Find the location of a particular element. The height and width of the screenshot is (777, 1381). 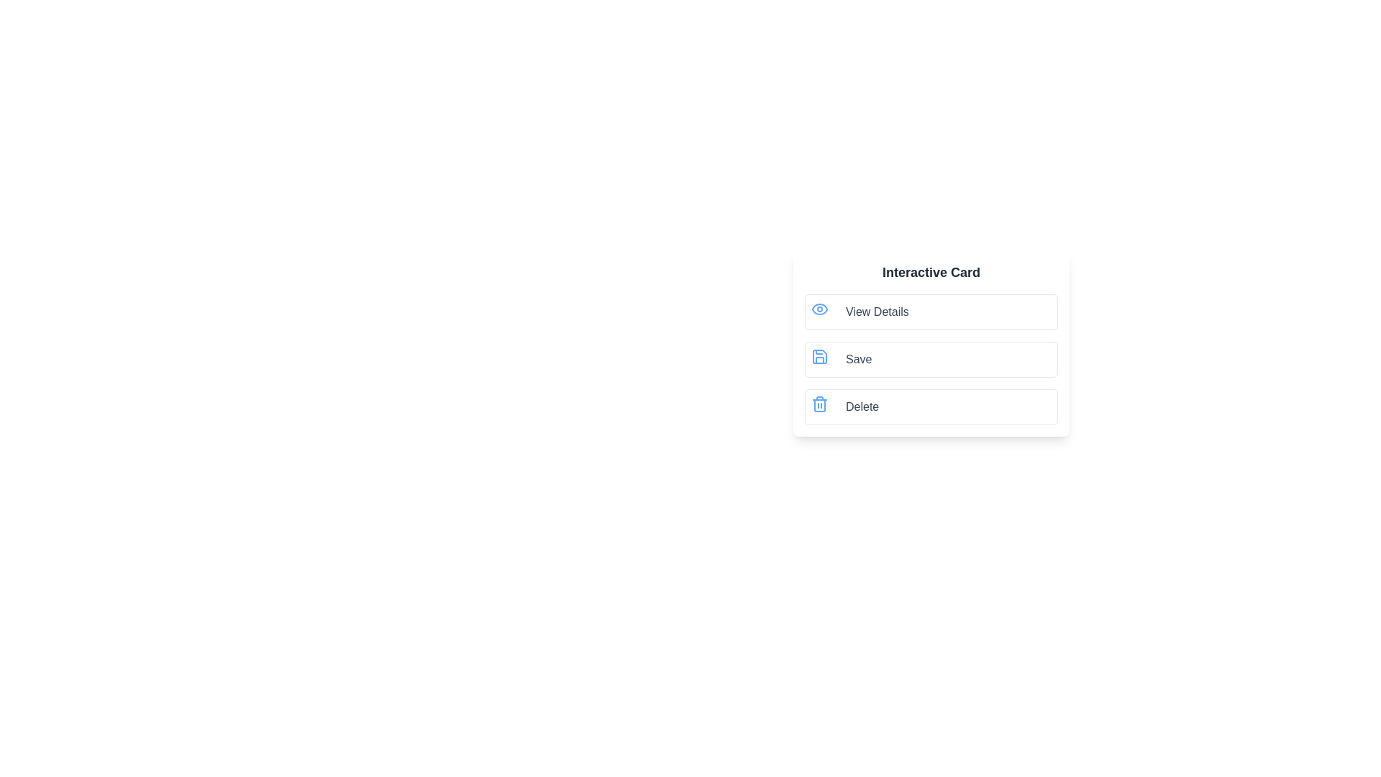

the blue eye icon located within the 'View Details' menu item, positioned as the first item on the left side of the menu group is located at coordinates (822, 312).